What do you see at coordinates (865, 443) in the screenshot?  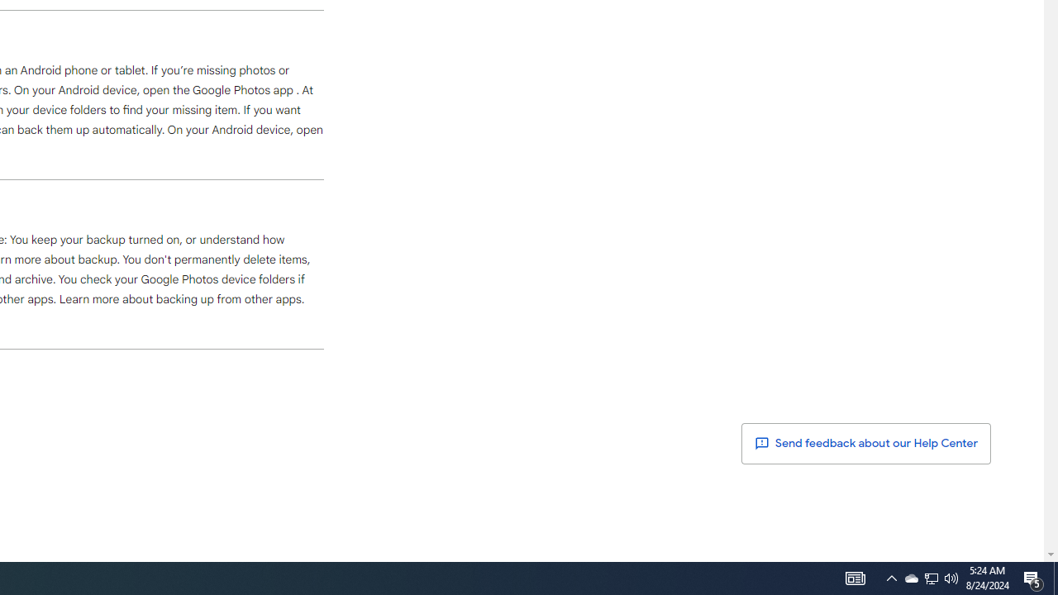 I see `' Send feedback about our Help Center'` at bounding box center [865, 443].